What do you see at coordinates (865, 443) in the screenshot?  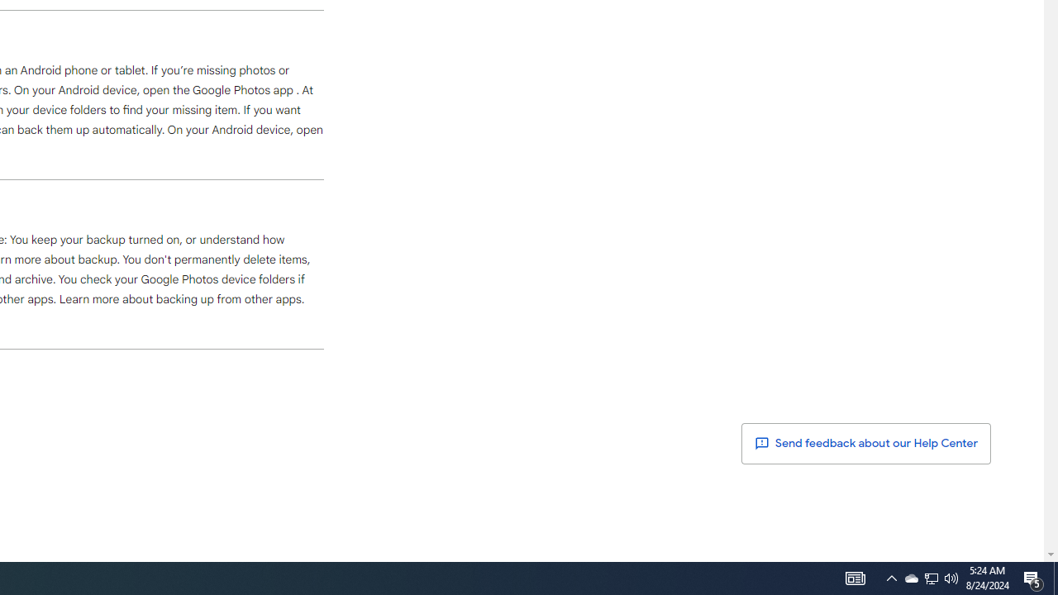 I see `' Send feedback about our Help Center'` at bounding box center [865, 443].